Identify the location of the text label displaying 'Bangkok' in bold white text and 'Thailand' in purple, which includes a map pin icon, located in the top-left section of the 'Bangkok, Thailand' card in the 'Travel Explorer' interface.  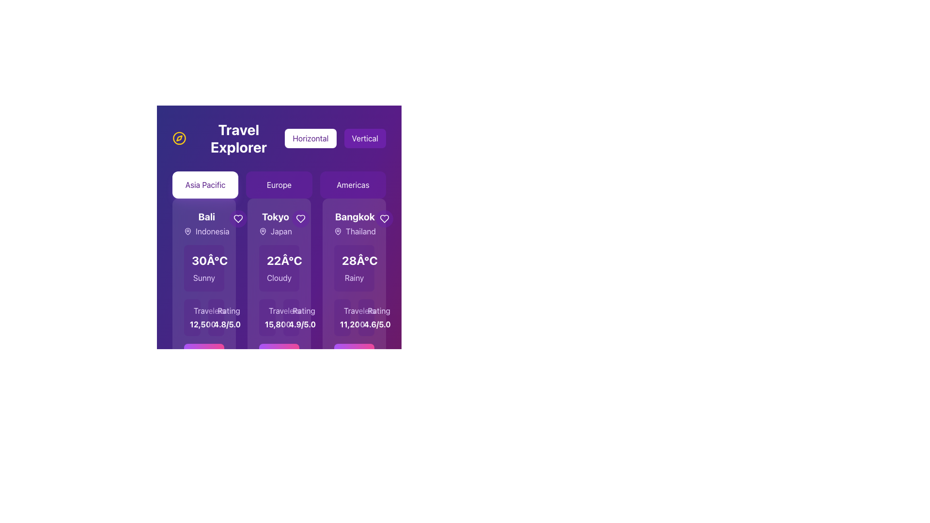
(354, 224).